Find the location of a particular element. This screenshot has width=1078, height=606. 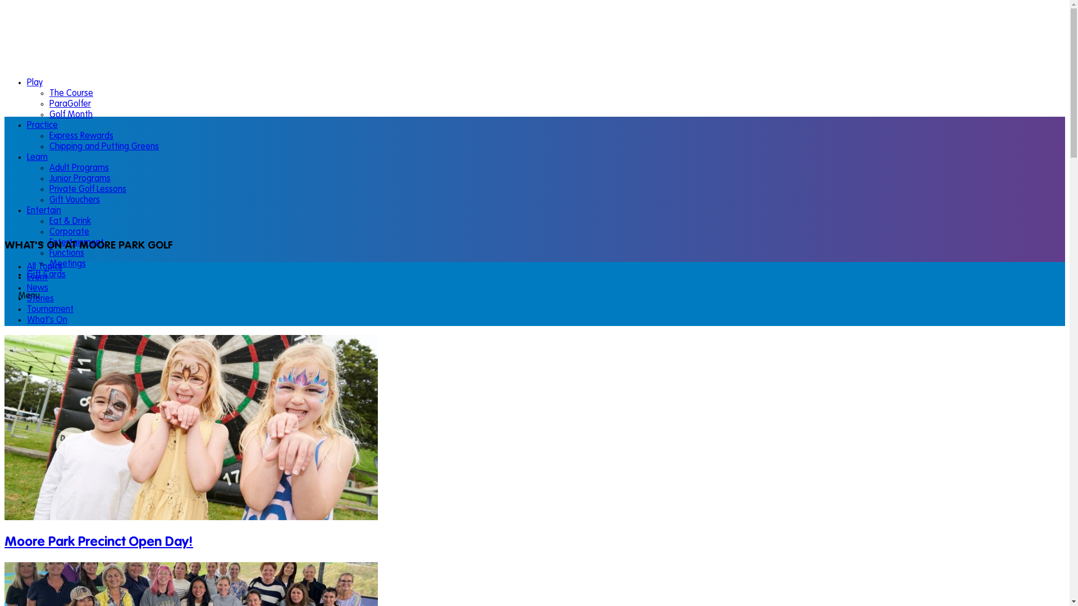

'Golf Shop' is located at coordinates (45, 590).